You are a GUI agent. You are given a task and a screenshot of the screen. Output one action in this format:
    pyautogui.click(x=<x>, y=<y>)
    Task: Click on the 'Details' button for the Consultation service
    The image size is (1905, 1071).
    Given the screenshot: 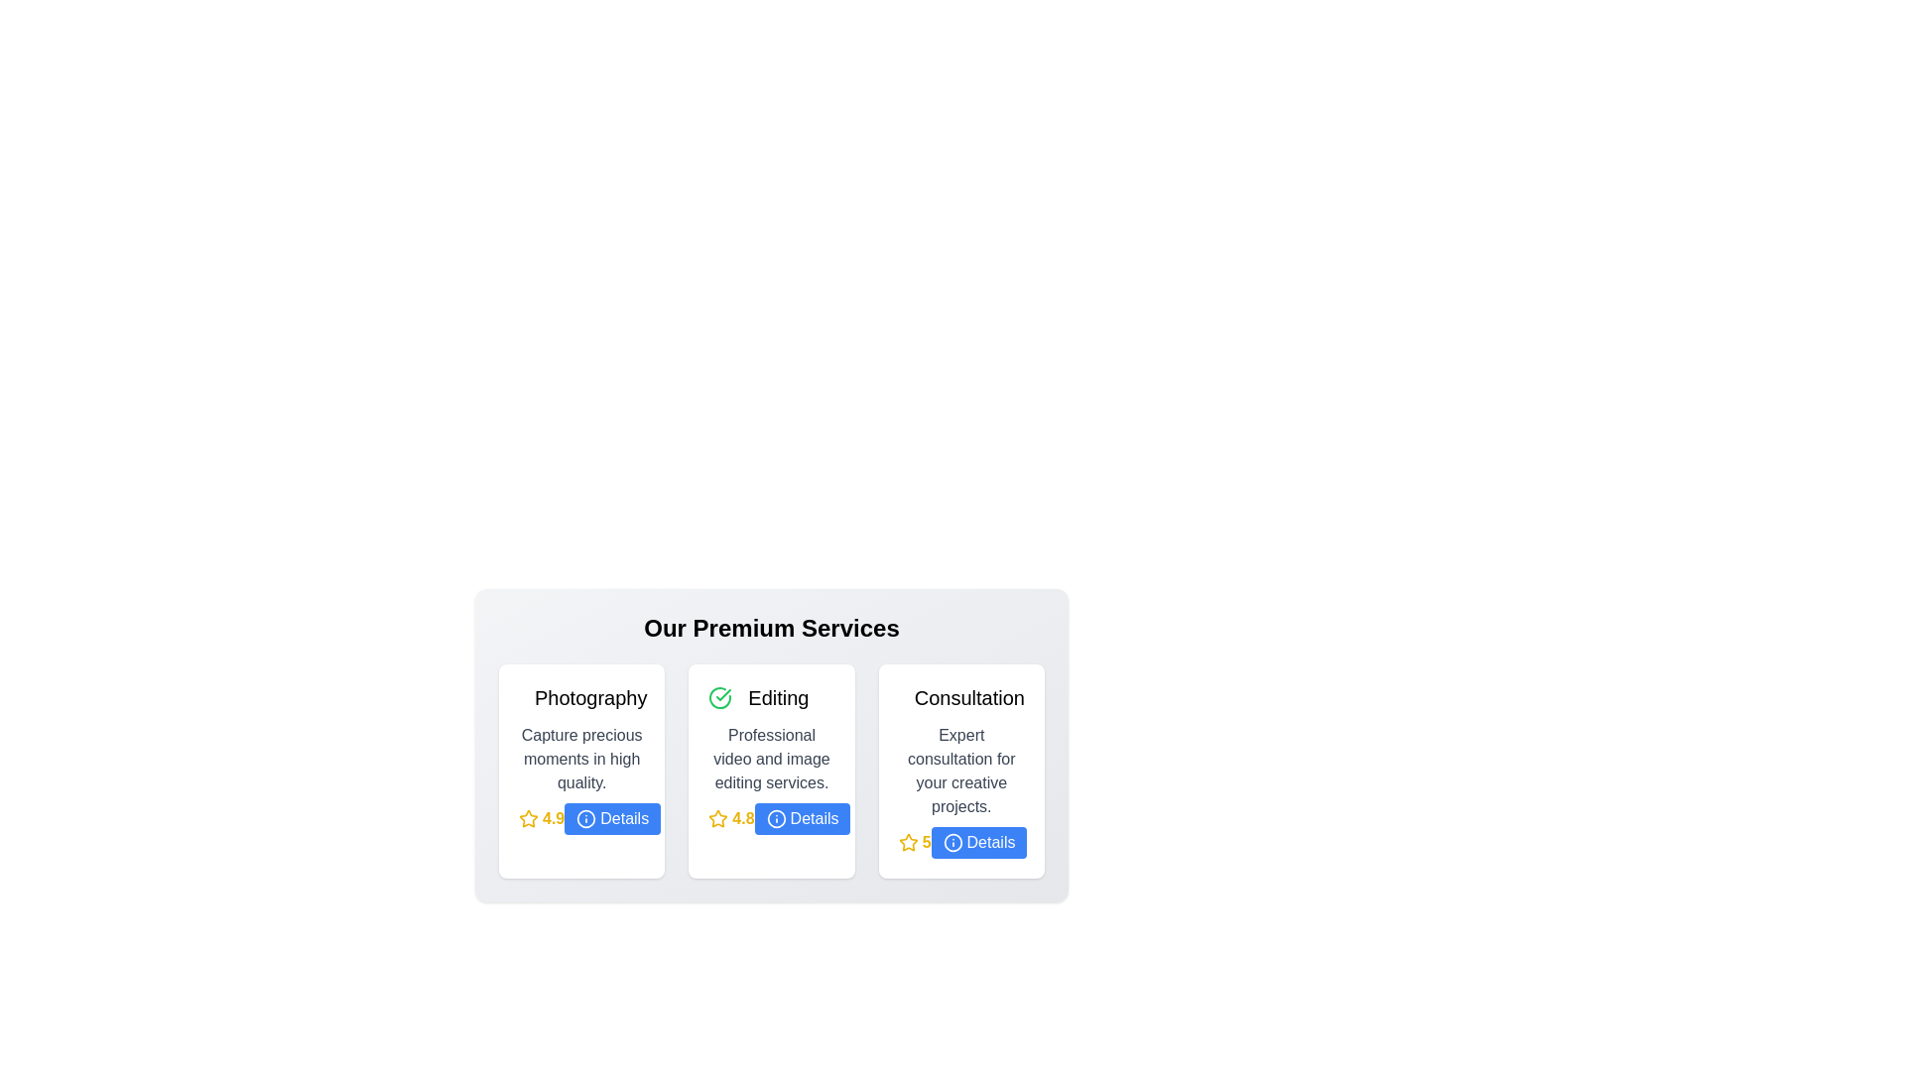 What is the action you would take?
    pyautogui.click(x=979, y=842)
    